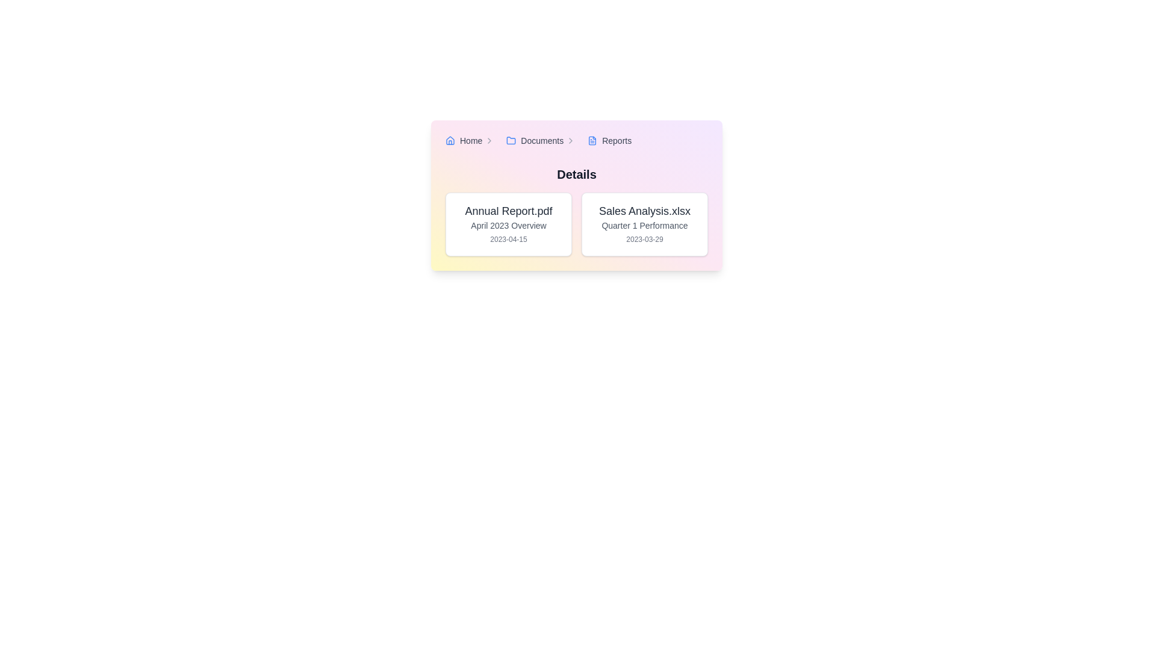 Image resolution: width=1156 pixels, height=650 pixels. What do you see at coordinates (508, 225) in the screenshot?
I see `the static text label displaying 'April 2023 Overview', which is positioned beneath the bold title 'Annual Report.pdf' and above the date '2023-04-15'` at bounding box center [508, 225].